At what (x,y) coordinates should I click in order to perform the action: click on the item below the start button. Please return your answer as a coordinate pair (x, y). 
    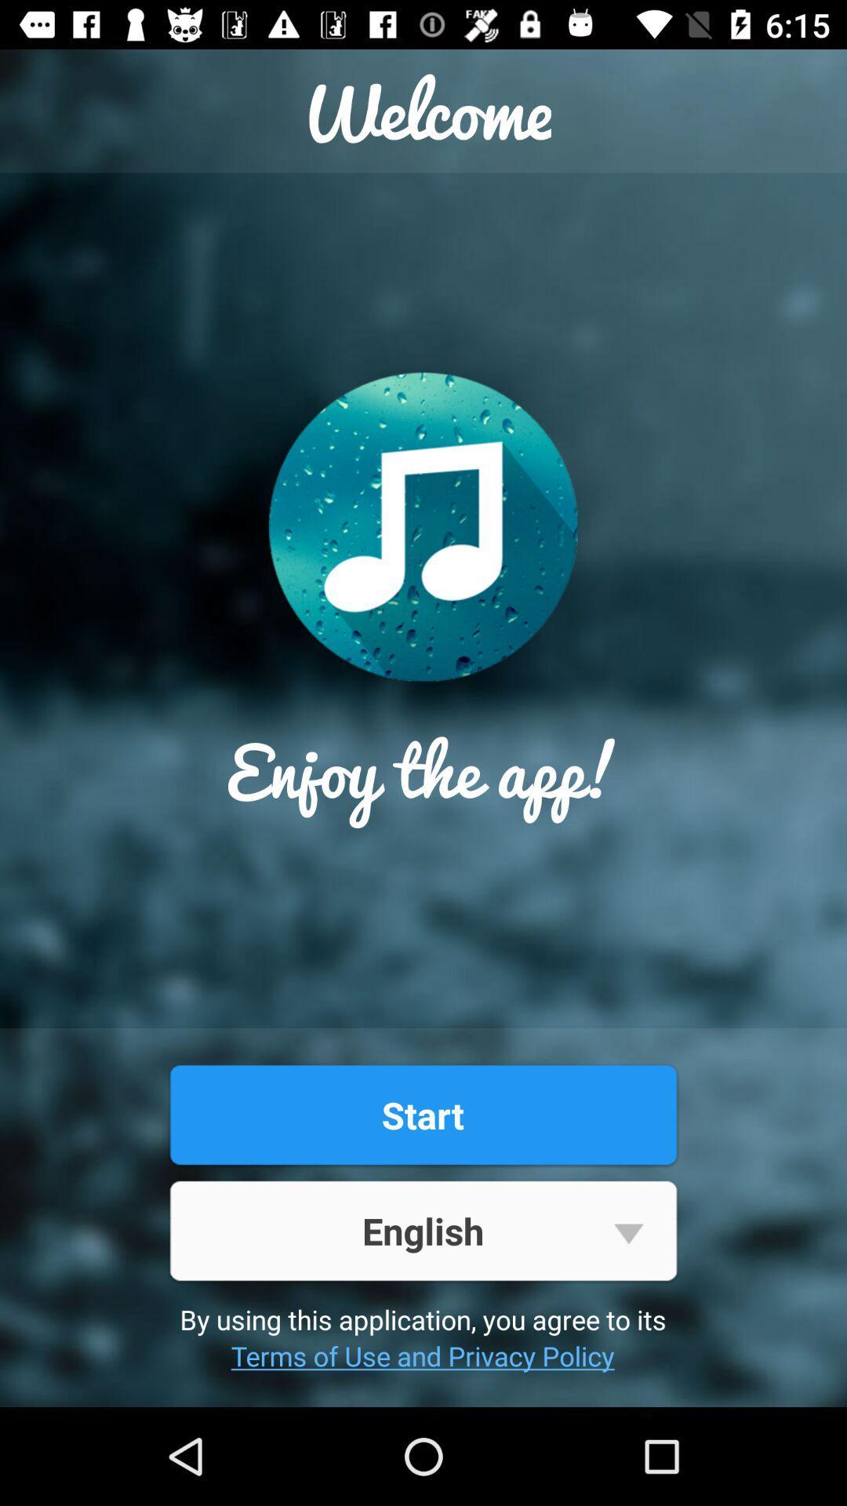
    Looking at the image, I should click on (422, 1230).